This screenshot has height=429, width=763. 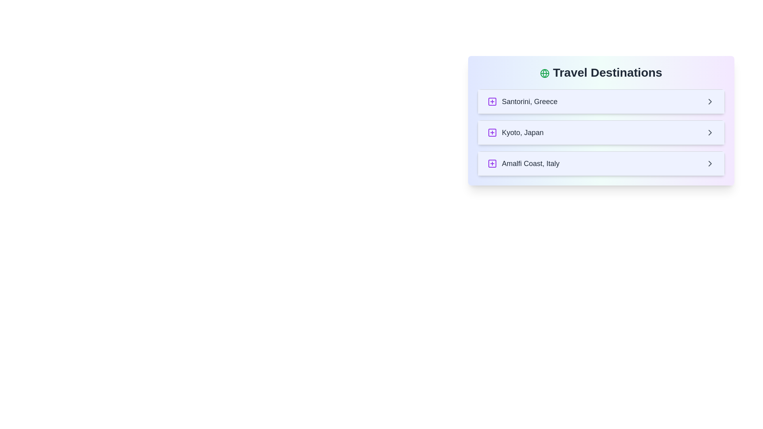 I want to click on the rightward arrow icon button located at the rightmost edge of the list item displaying 'Kyoto, Japan', so click(x=710, y=132).